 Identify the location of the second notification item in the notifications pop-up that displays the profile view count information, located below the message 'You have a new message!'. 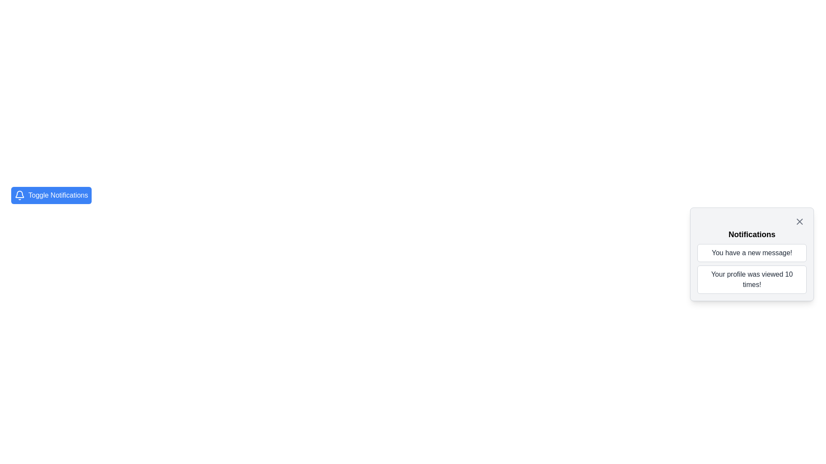
(751, 280).